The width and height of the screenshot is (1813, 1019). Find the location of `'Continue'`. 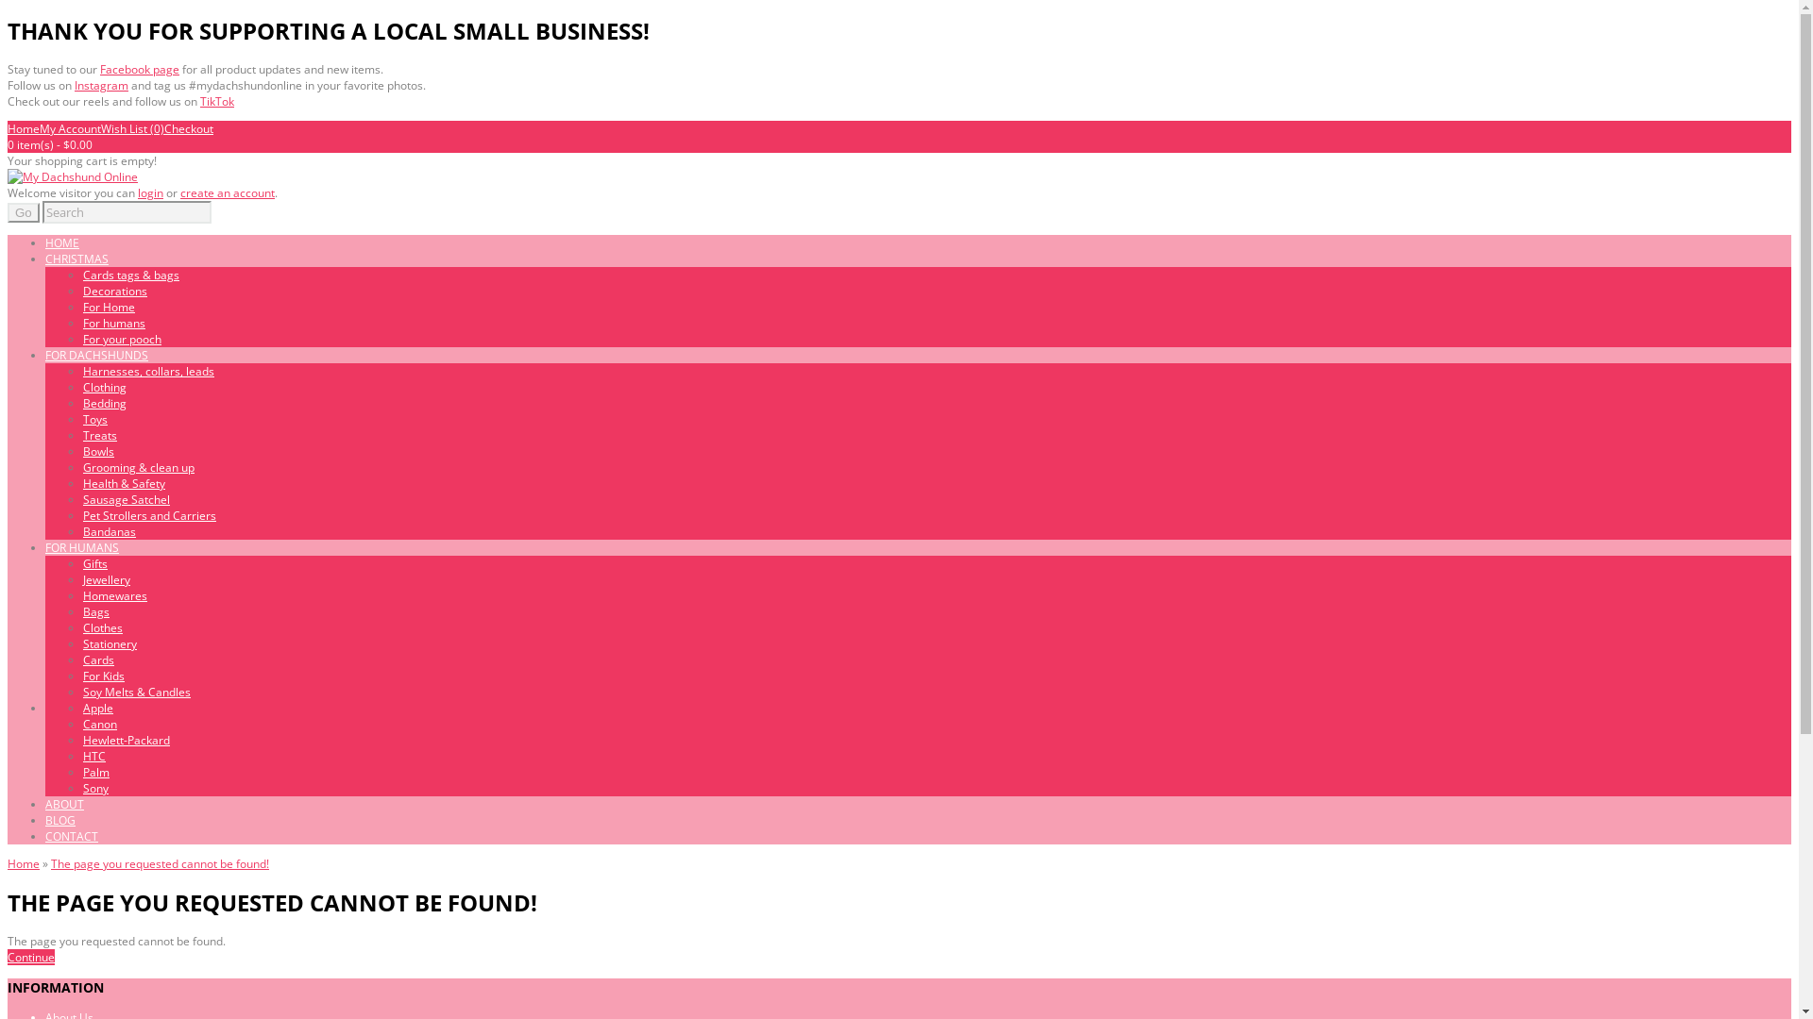

'Continue' is located at coordinates (8, 957).